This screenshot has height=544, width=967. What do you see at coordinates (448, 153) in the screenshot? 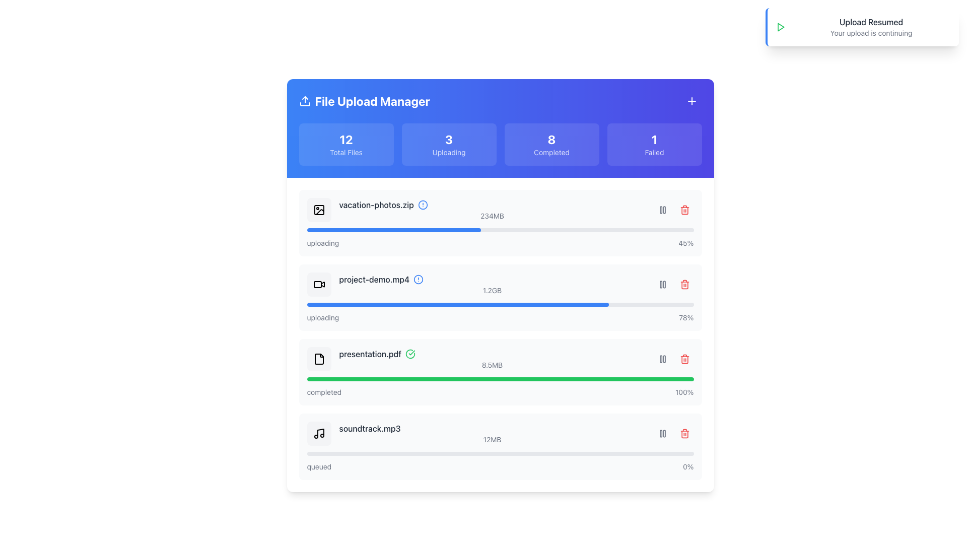
I see `text label displaying 'Uploading', which is styled in small white font with an opacity effect, located below the number '3' in the summary section of the UI` at bounding box center [448, 153].